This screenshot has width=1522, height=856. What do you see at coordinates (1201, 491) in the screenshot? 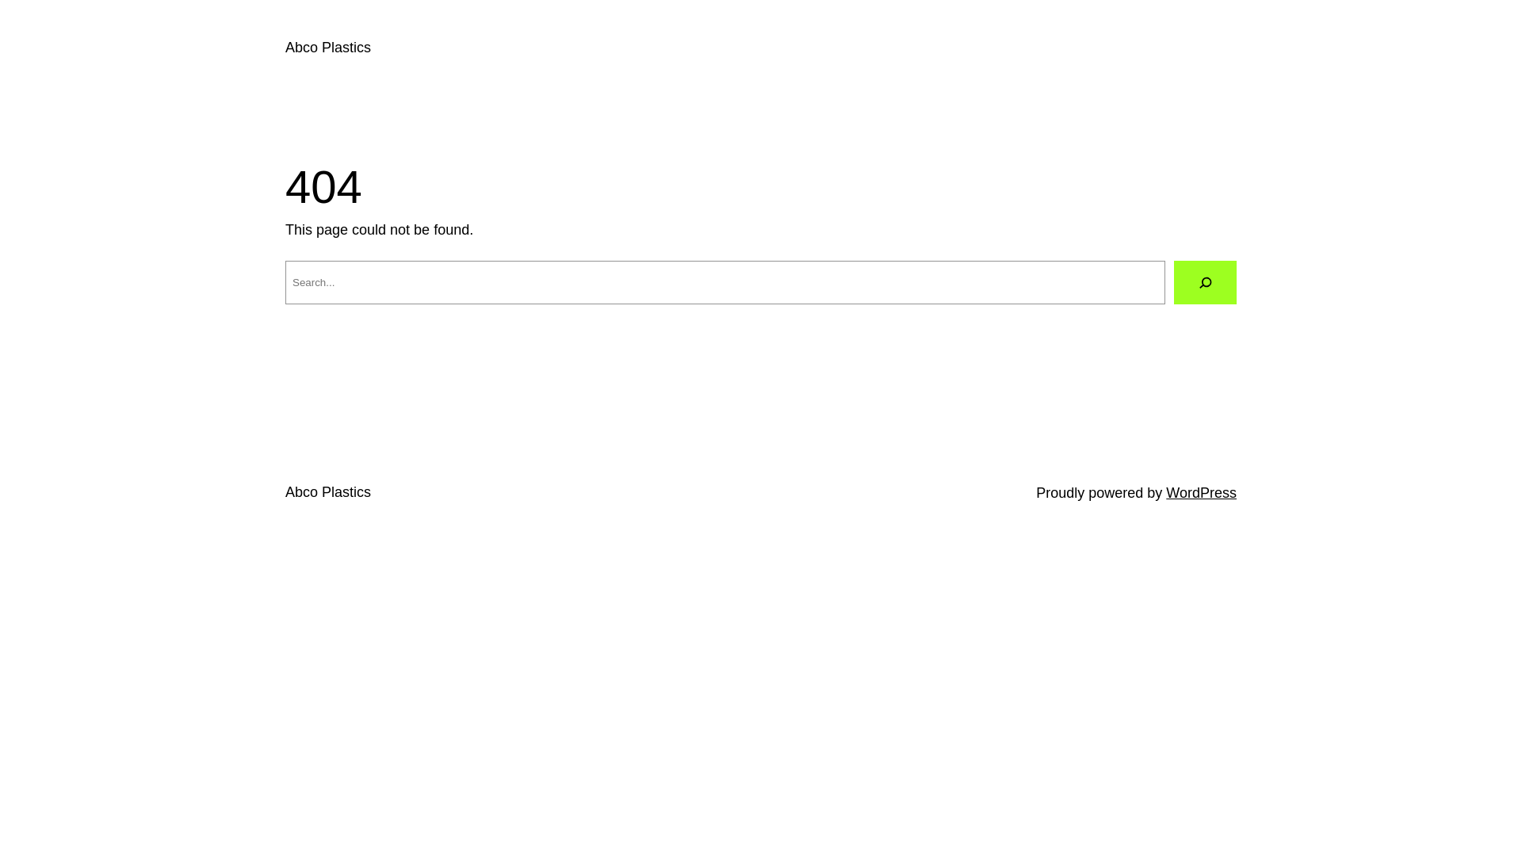
I see `'WordPress'` at bounding box center [1201, 491].